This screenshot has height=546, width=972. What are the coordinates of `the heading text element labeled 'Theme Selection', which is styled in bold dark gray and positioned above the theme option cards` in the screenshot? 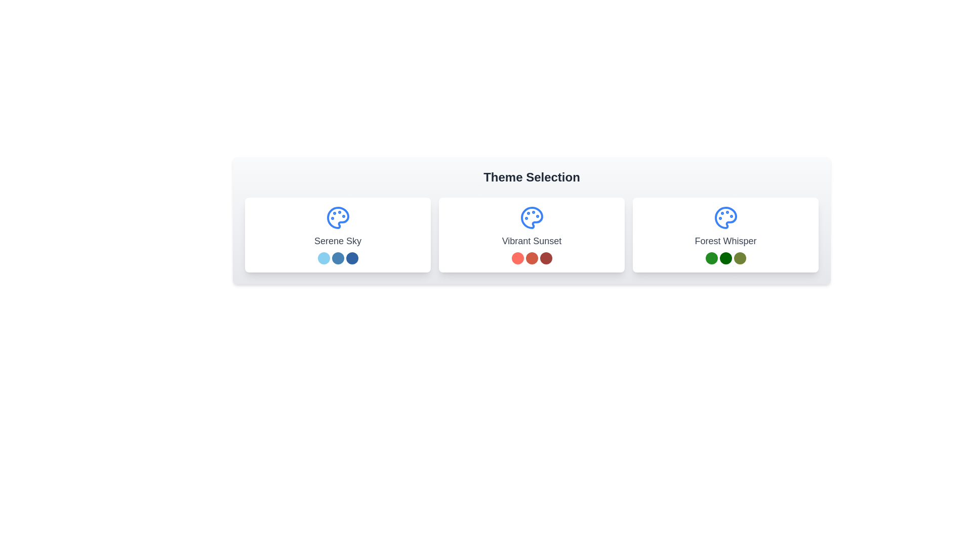 It's located at (531, 177).